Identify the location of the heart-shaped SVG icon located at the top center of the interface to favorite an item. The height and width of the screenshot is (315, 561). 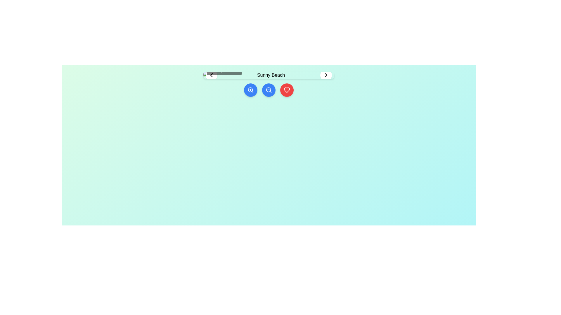
(287, 90).